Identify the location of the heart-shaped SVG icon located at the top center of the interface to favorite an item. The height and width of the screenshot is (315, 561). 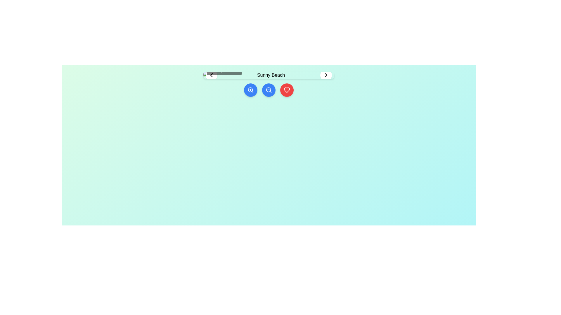
(287, 90).